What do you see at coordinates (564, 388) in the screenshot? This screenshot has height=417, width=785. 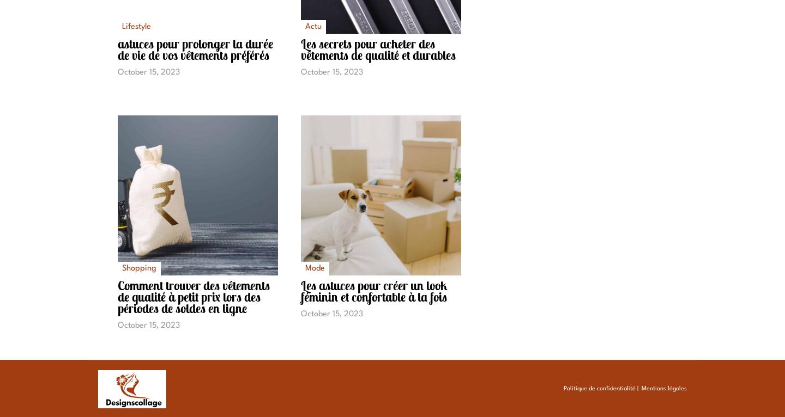 I see `'Politique de confidentialité |'` at bounding box center [564, 388].